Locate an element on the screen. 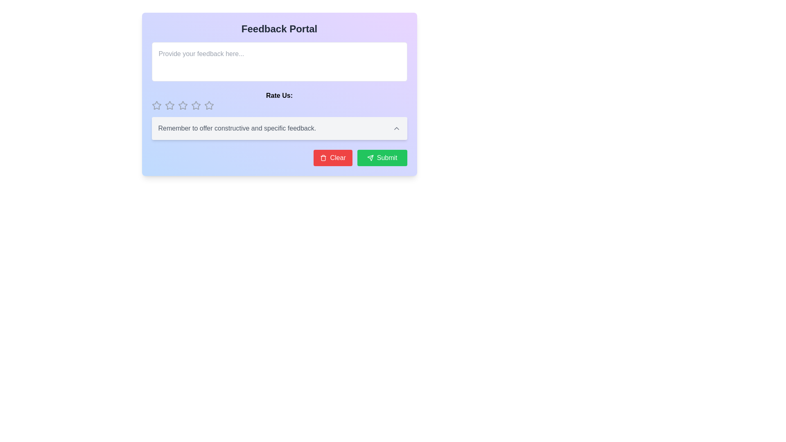  the upward-facing chevron icon, which is a minimalist outline colored gray is located at coordinates (396, 128).